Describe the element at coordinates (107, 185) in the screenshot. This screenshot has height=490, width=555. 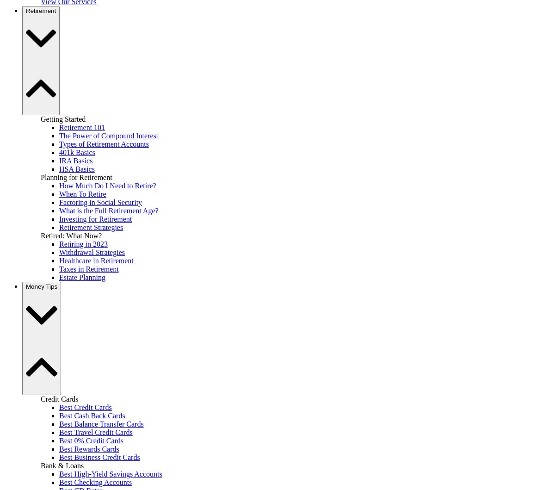
I see `'How Much Do I Need to Retire?'` at that location.